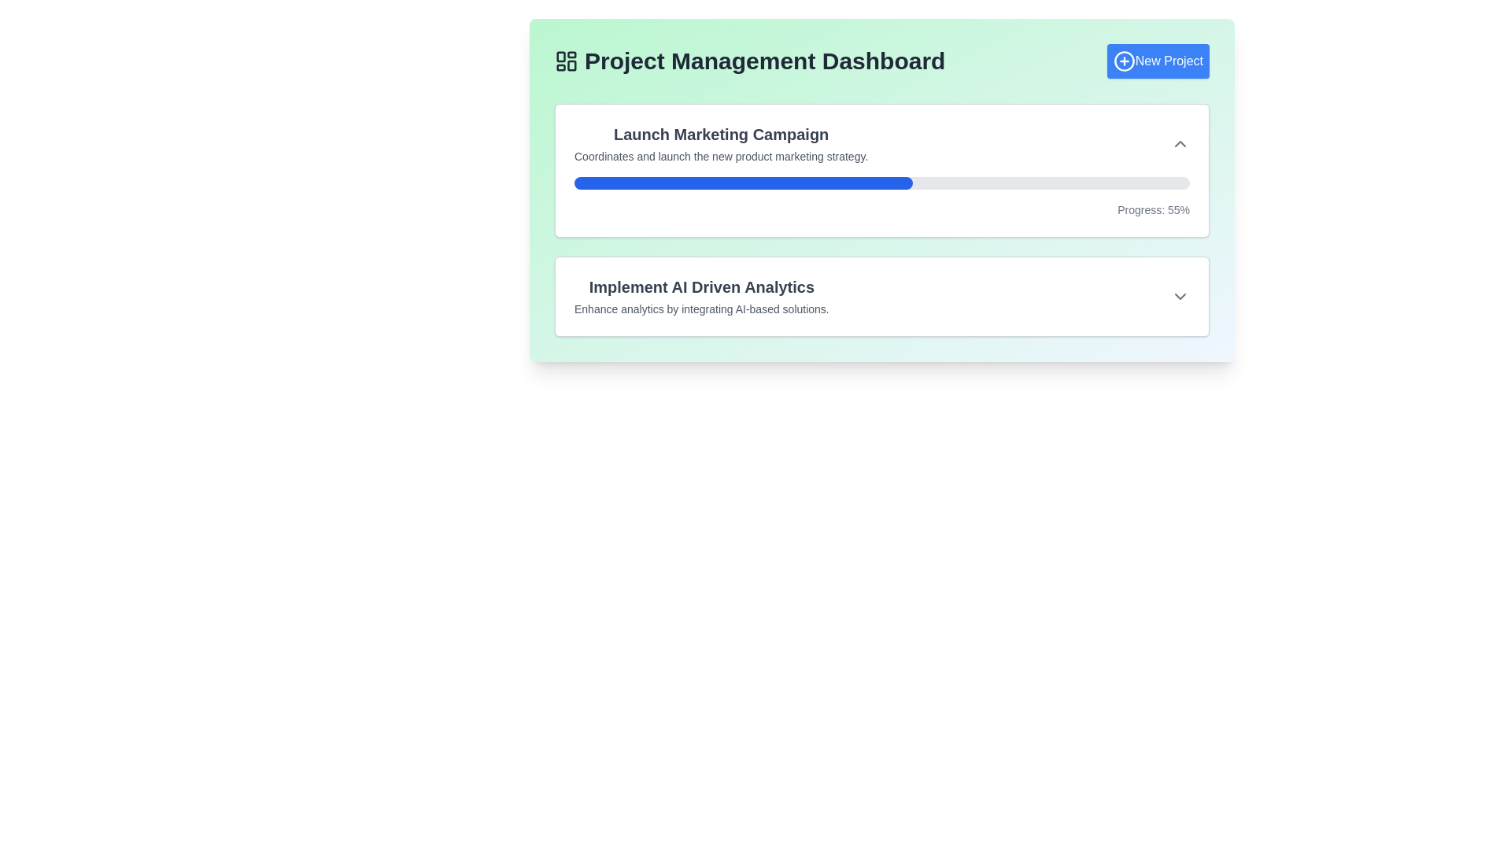 The width and height of the screenshot is (1511, 850). I want to click on the descriptive text element located directly below the heading 'Implement AI Driven Analytics', which provides additional context for the section, so click(700, 309).